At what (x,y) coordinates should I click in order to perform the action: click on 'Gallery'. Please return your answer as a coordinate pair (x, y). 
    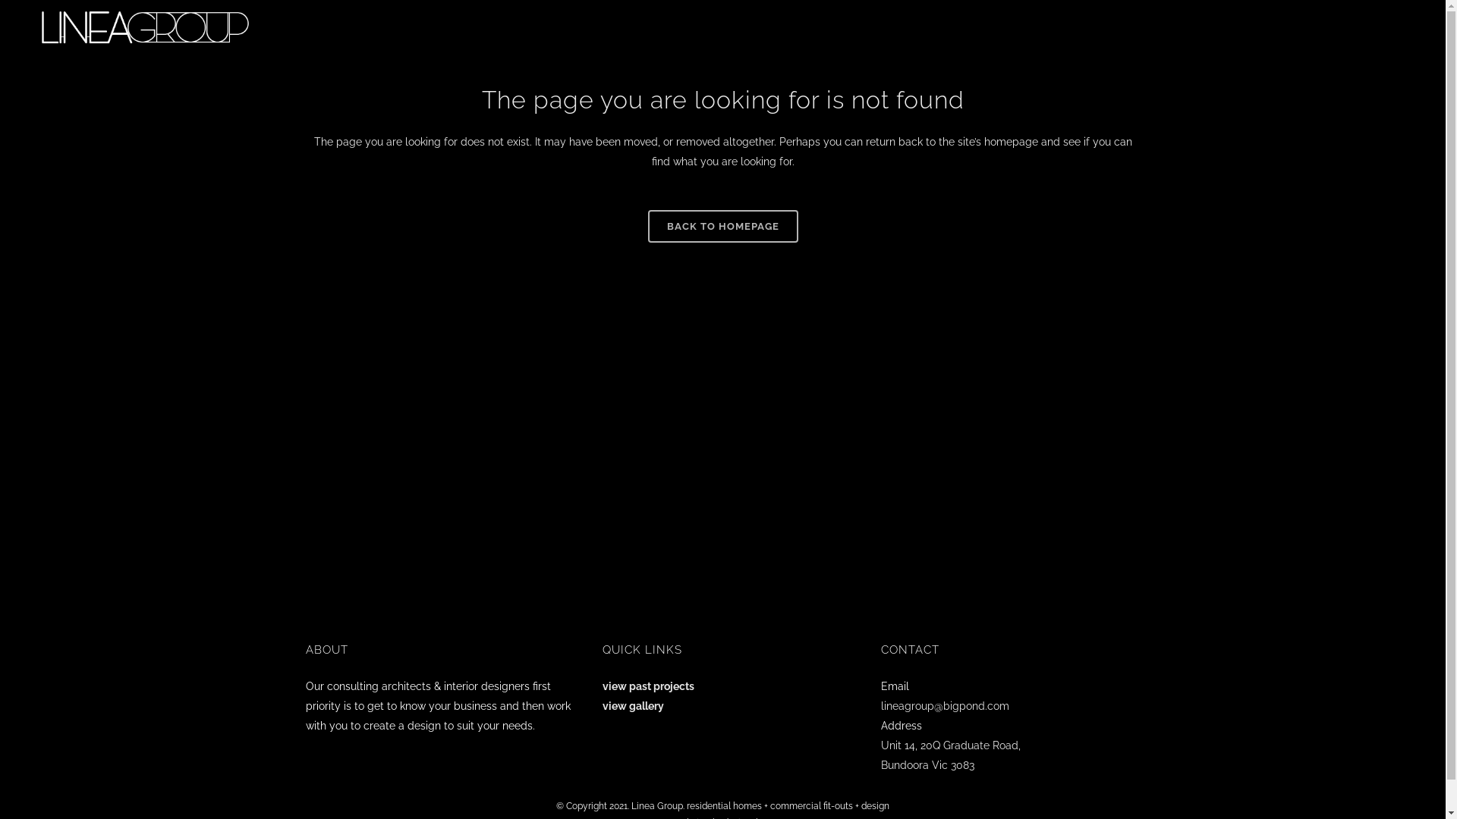
    Looking at the image, I should click on (1279, 26).